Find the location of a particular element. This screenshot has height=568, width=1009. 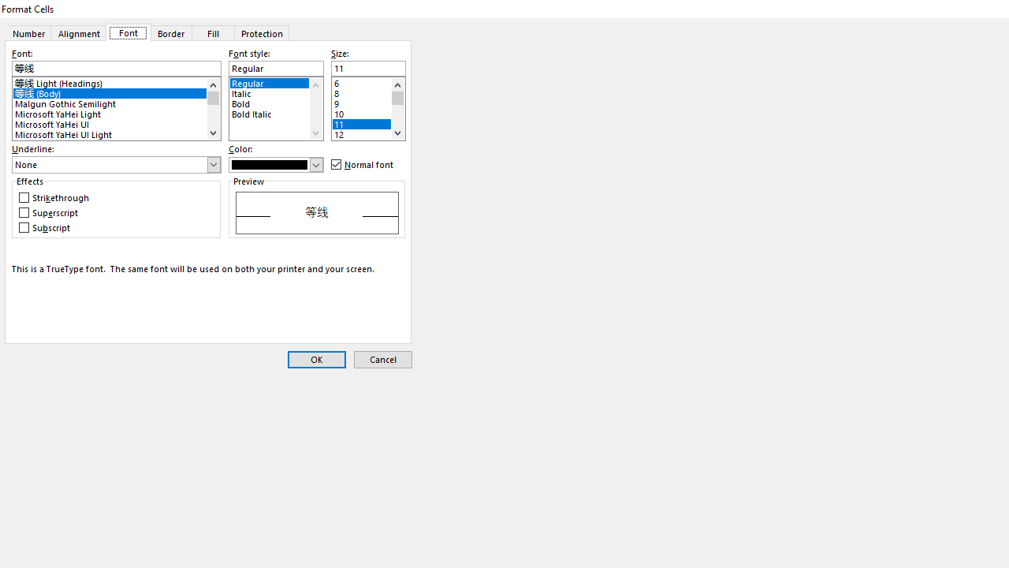

'Border' is located at coordinates (170, 32).